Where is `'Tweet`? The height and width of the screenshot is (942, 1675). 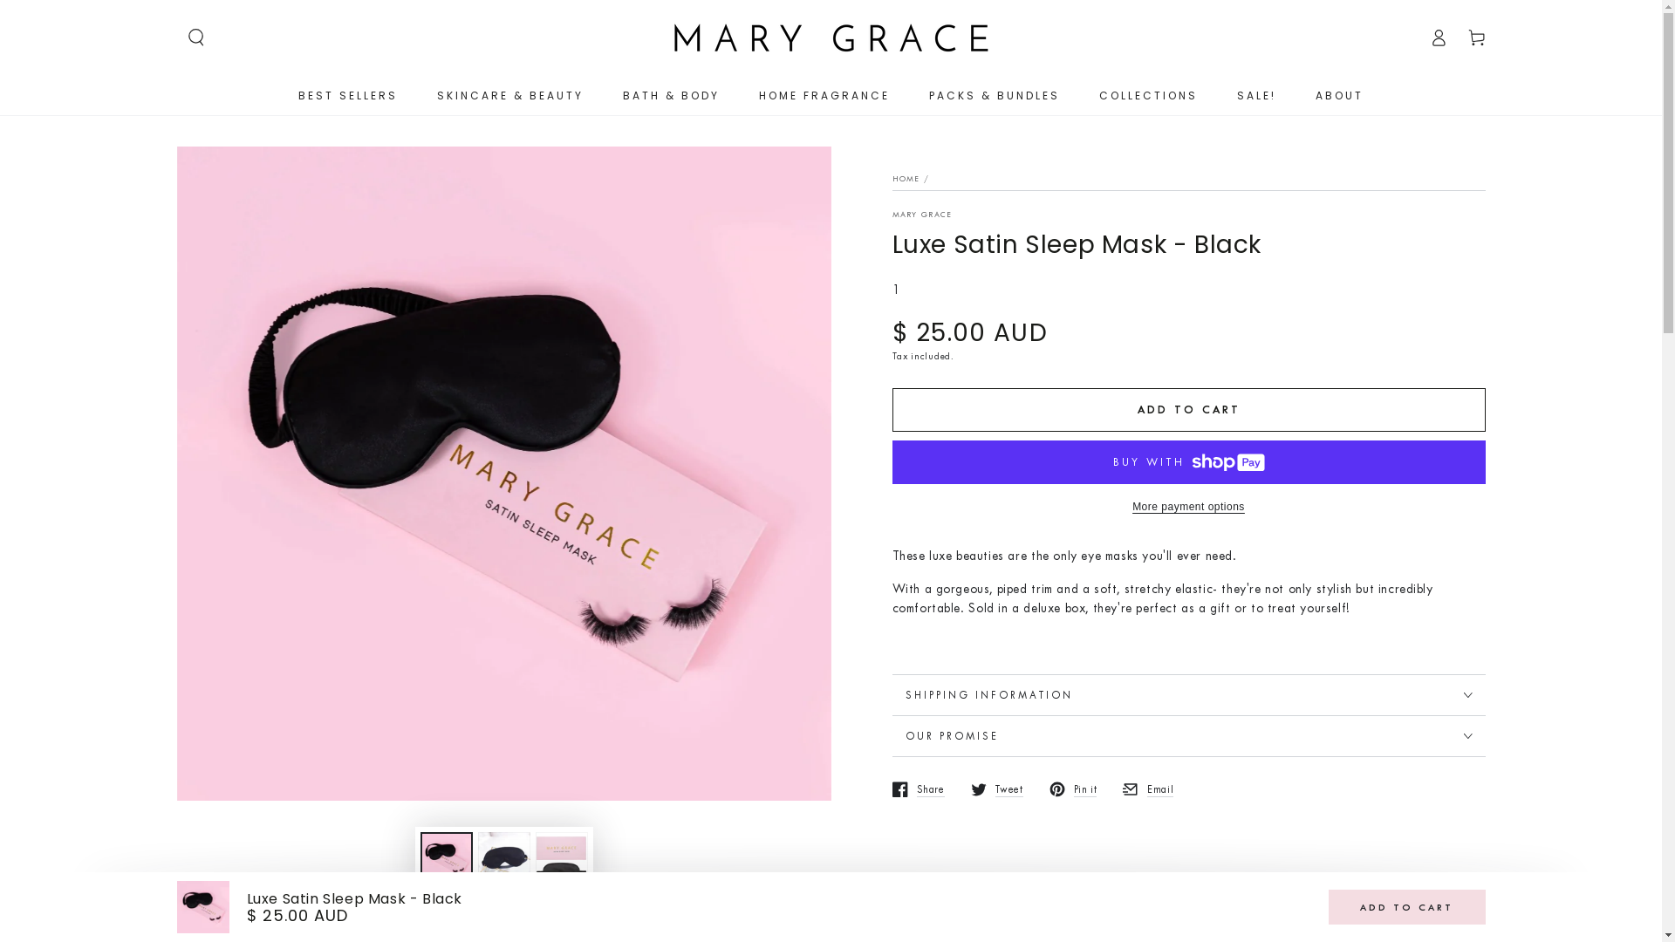 'Tweet is located at coordinates (996, 789).